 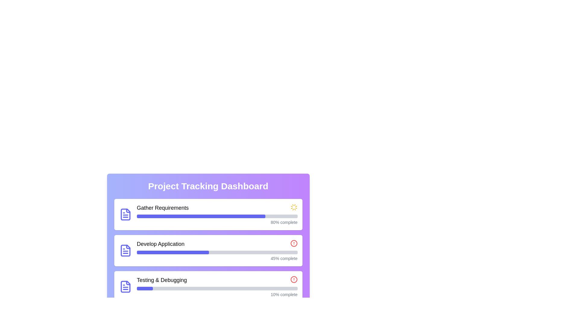 What do you see at coordinates (163, 207) in the screenshot?
I see `the 'Gather Requirements' text label, which is styled in a larger font size and bold black color, located at the top left of the first row in the progress section` at bounding box center [163, 207].